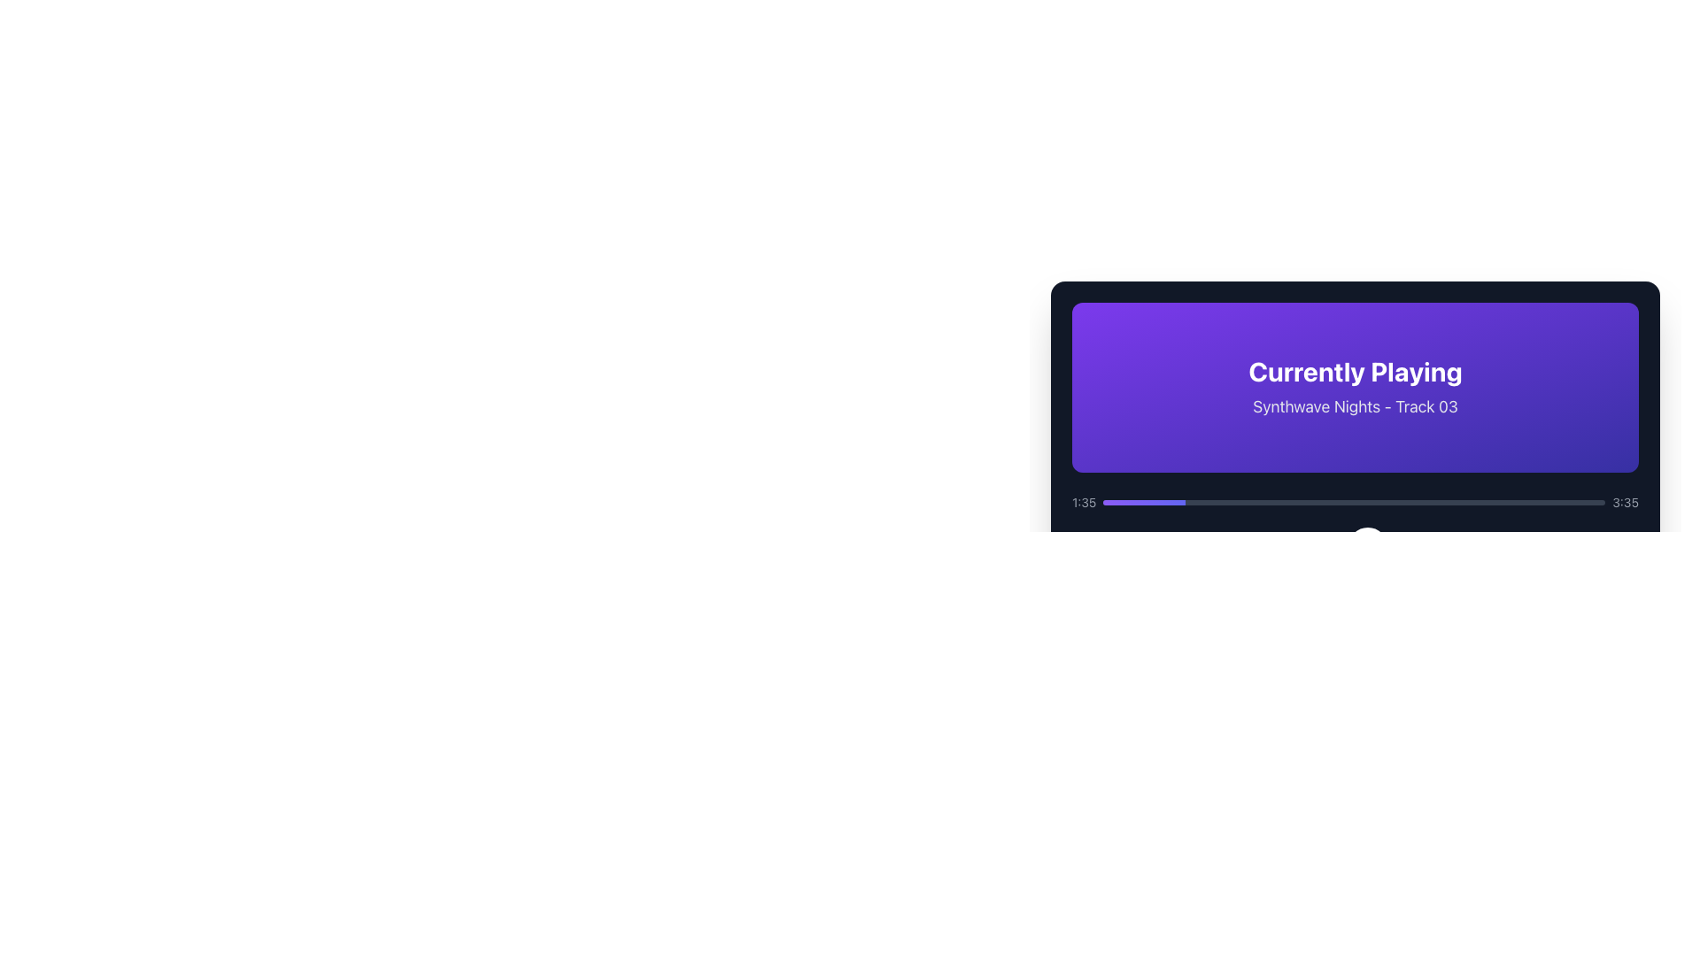 The width and height of the screenshot is (1700, 956). I want to click on the playback position, so click(1141, 502).